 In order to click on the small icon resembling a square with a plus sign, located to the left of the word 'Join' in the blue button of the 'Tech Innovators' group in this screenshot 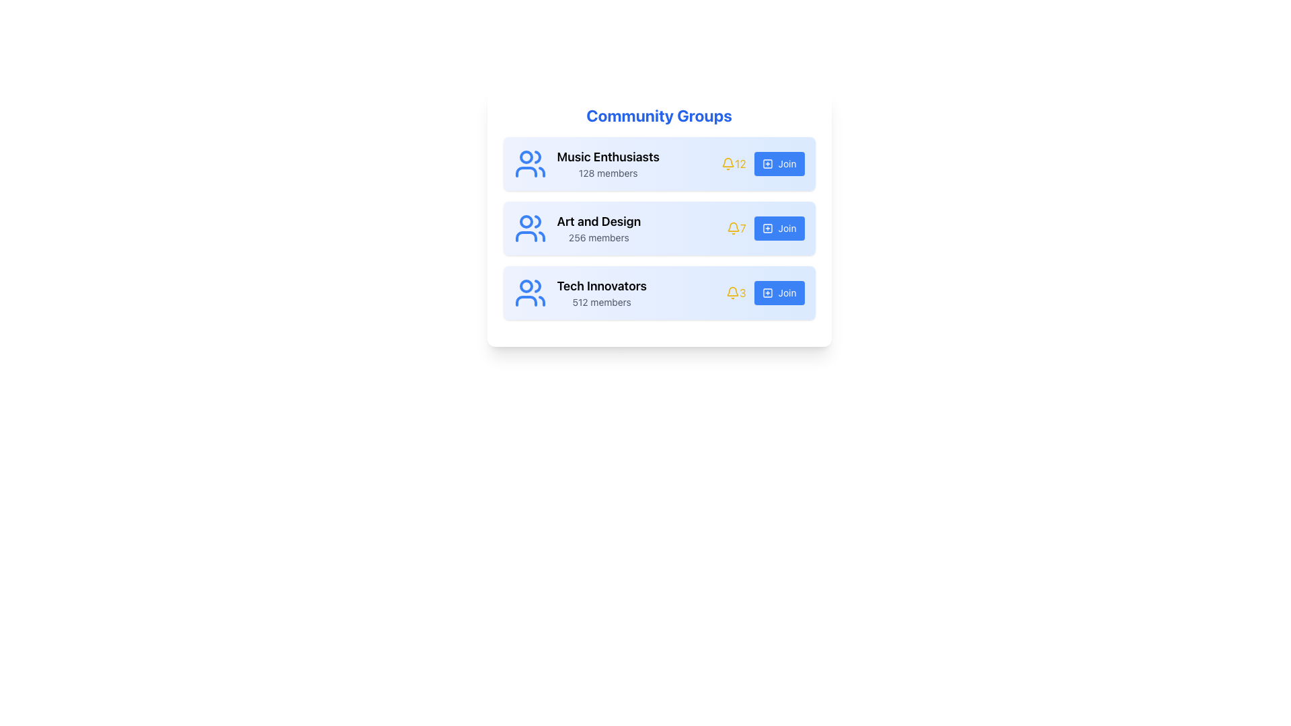, I will do `click(767, 292)`.